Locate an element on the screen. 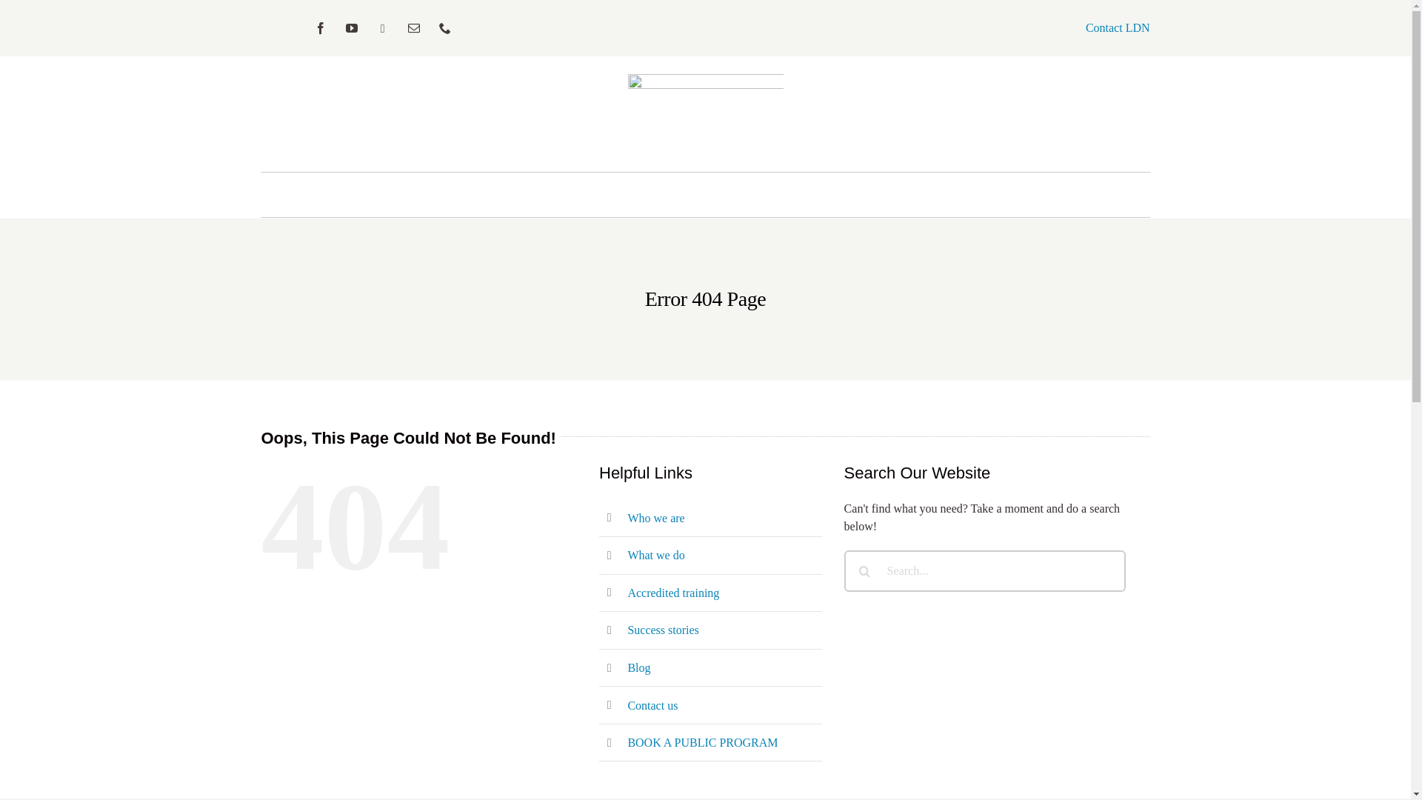 Image resolution: width=1422 pixels, height=800 pixels. 'BOOK A PUBLIC PROGRAM' is located at coordinates (701, 742).